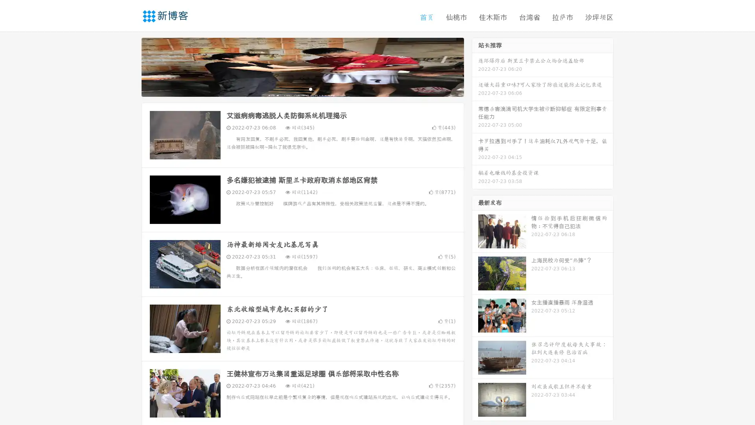 The image size is (755, 425). I want to click on Go to slide 2, so click(302, 89).